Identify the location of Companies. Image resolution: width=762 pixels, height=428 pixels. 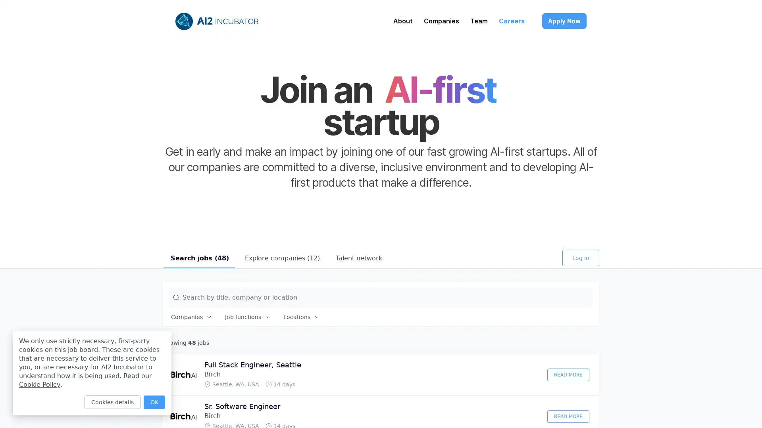
(192, 316).